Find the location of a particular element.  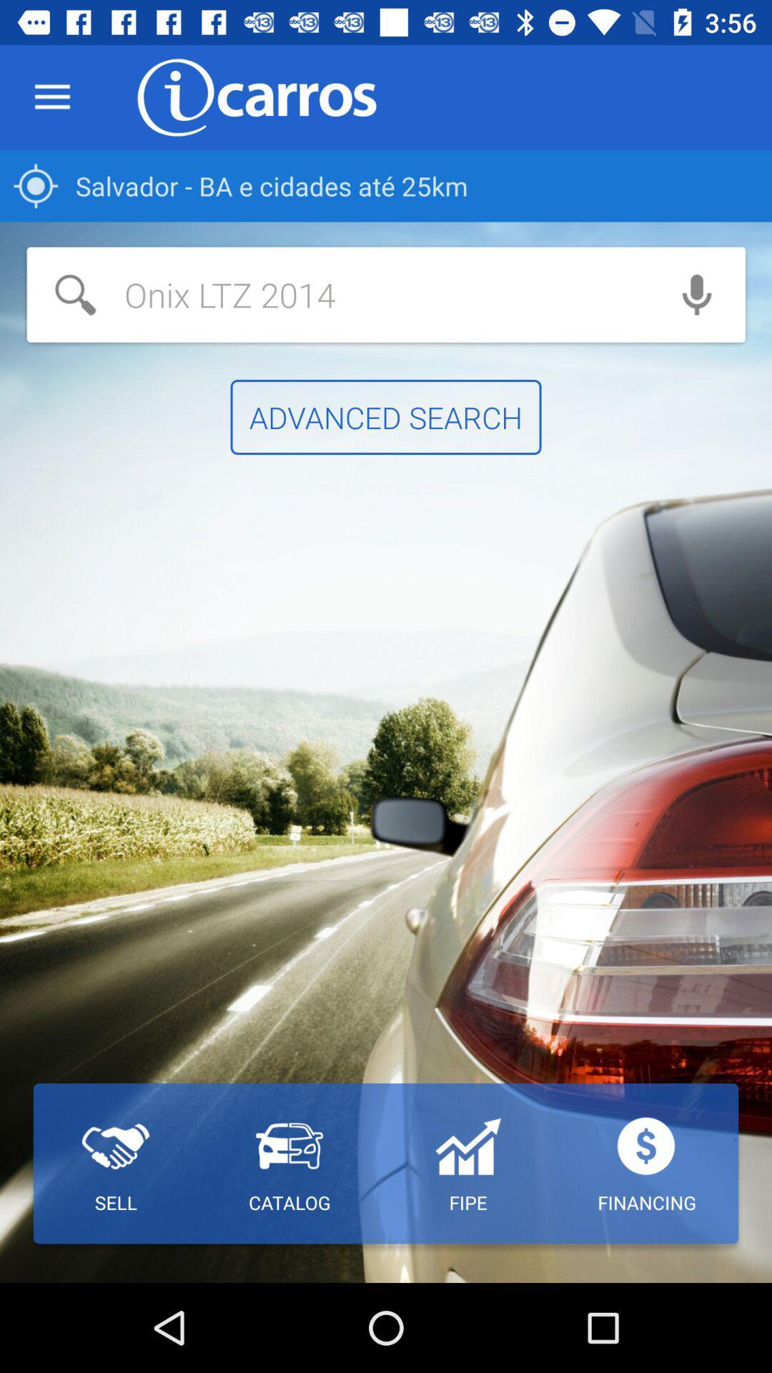

the microphone icon is located at coordinates (696, 294).